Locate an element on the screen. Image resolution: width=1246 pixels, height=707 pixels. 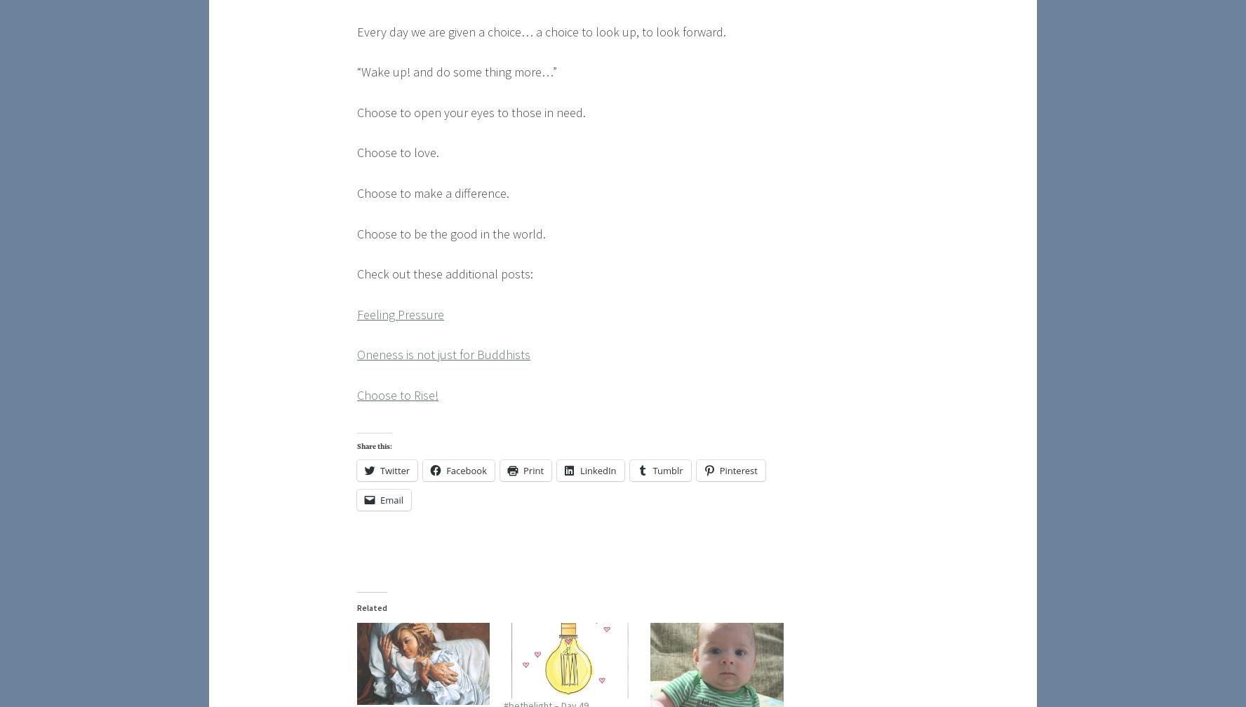
'Email' is located at coordinates (391, 499).